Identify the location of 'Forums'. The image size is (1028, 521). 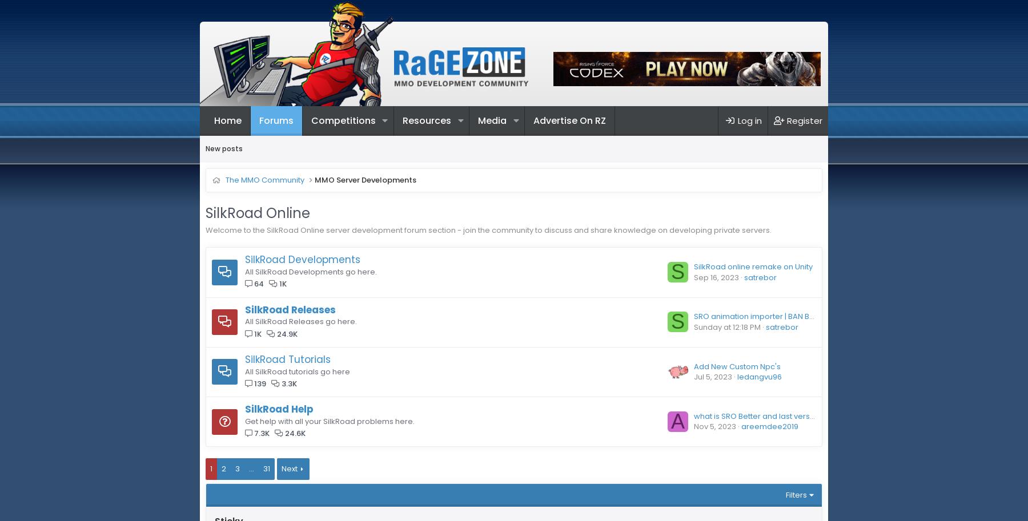
(276, 119).